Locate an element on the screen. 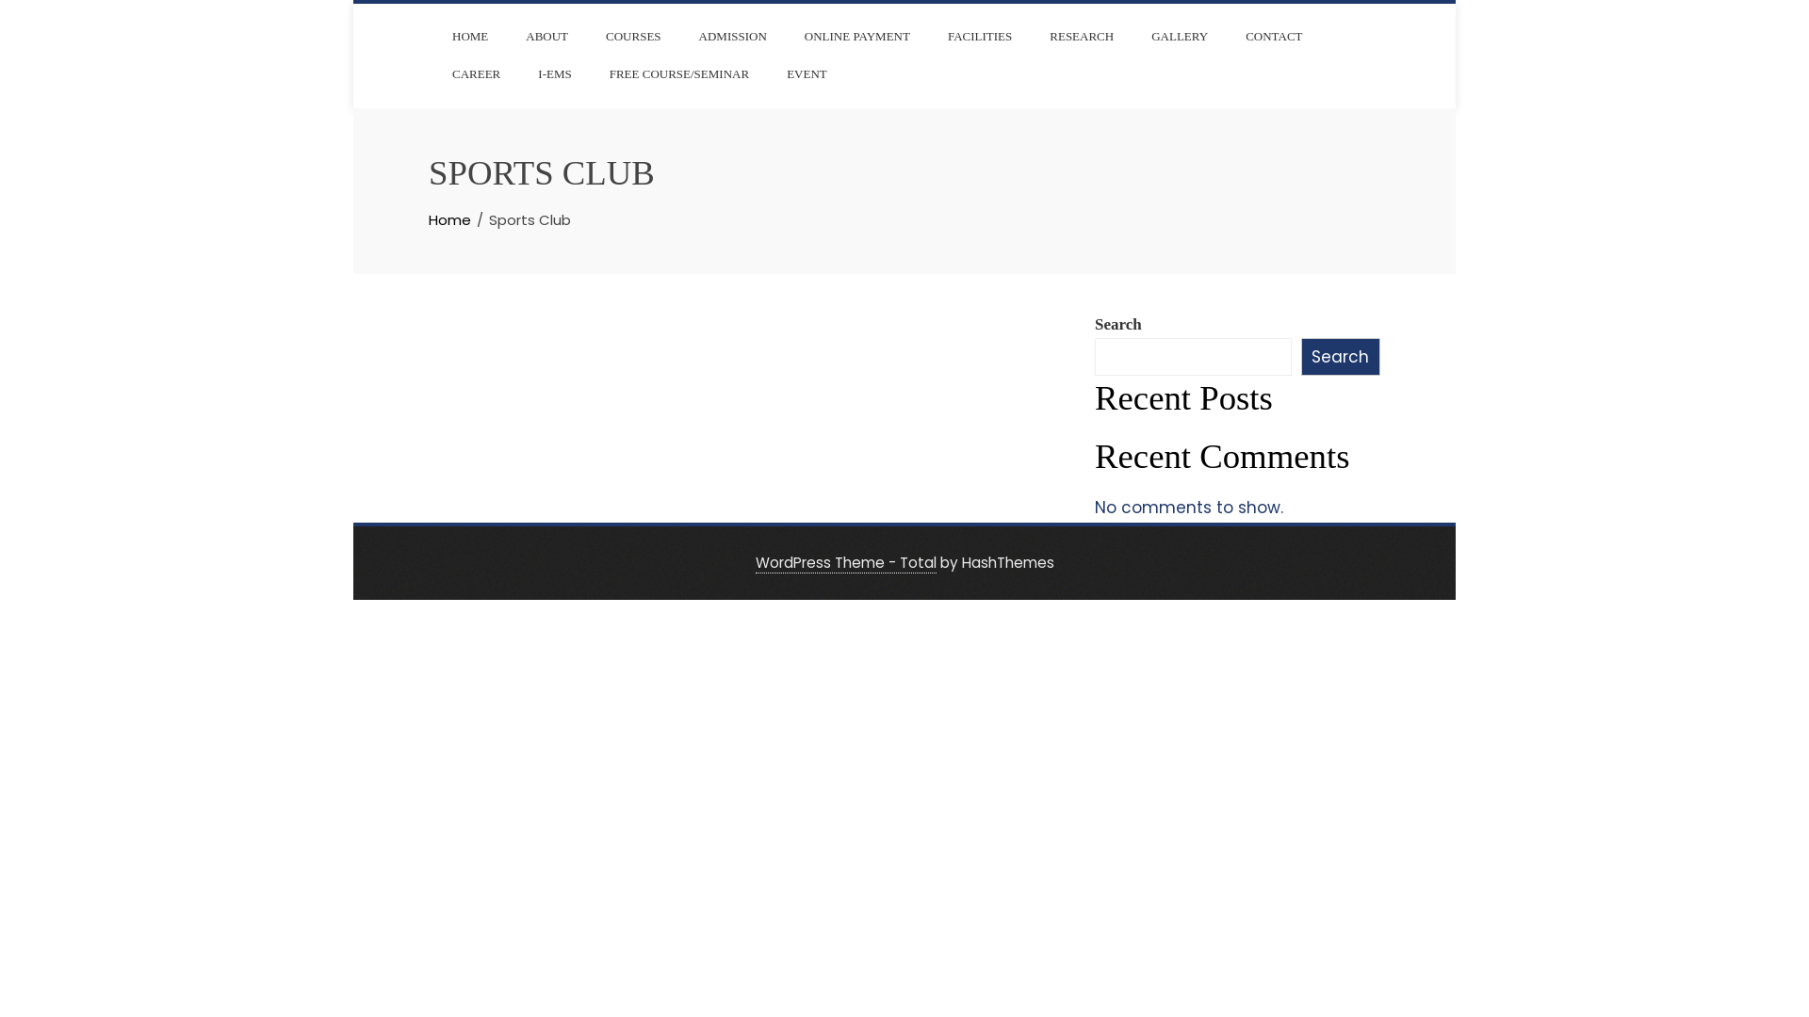  'FREE COURSE/SEMINAR' is located at coordinates (678, 73).